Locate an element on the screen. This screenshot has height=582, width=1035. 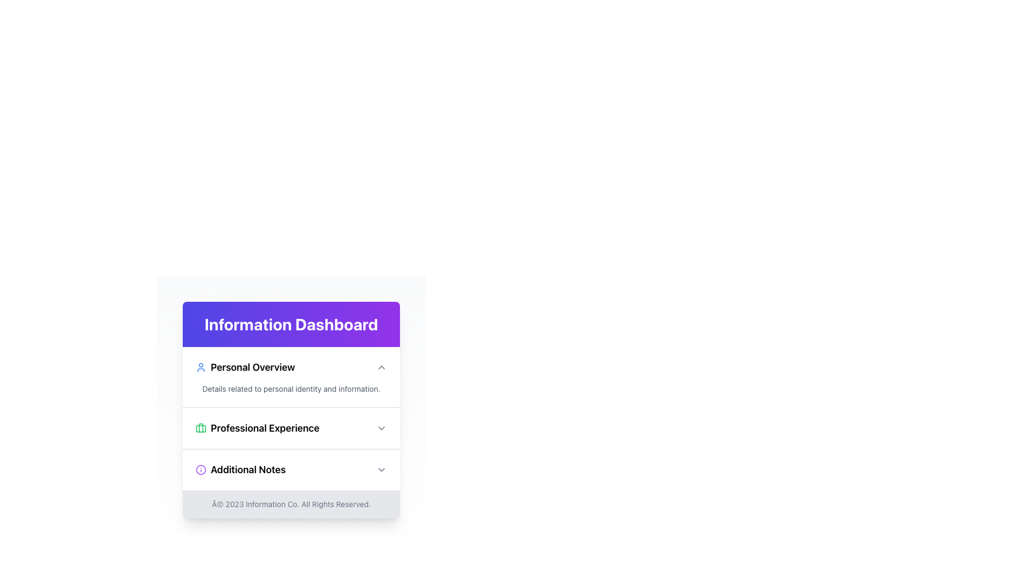
the Section Header labeled 'Personal Overview' is located at coordinates (291, 367).